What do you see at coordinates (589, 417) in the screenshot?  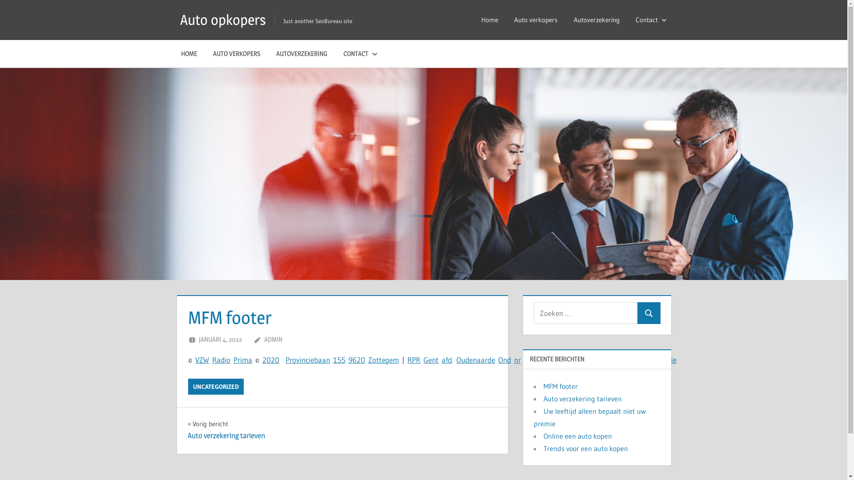 I see `'Uw leeftijd alleen bepaalt niet uw premie'` at bounding box center [589, 417].